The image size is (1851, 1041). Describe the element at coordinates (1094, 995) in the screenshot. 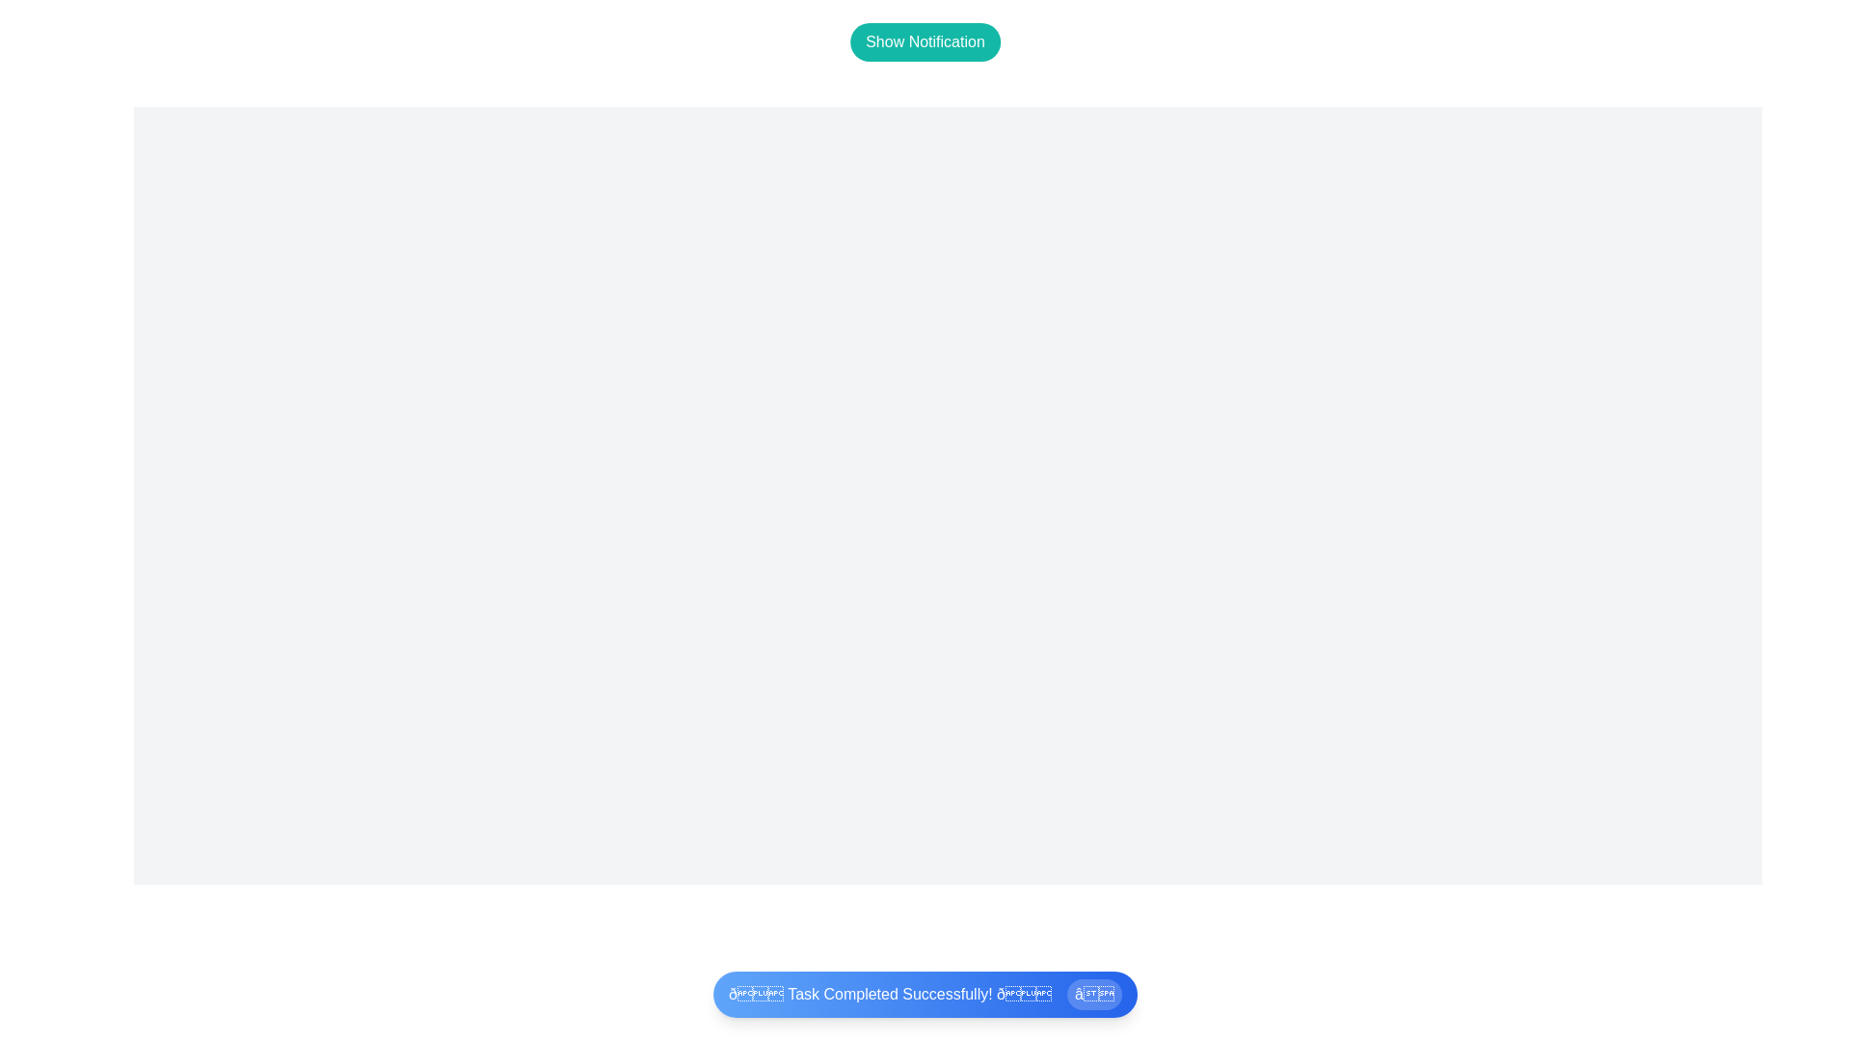

I see `the close button of the snackbar to hide it` at that location.